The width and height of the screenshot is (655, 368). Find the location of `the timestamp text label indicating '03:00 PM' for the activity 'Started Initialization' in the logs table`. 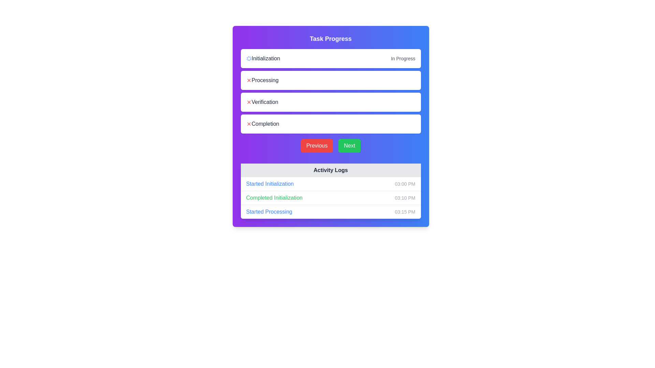

the timestamp text label indicating '03:00 PM' for the activity 'Started Initialization' in the logs table is located at coordinates (405, 184).